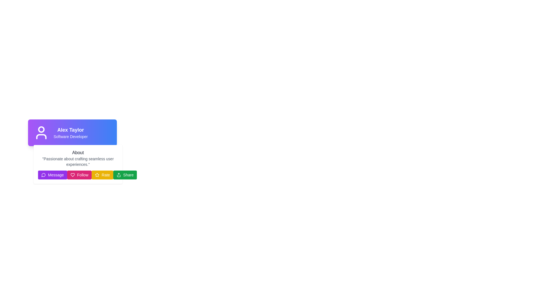 This screenshot has height=300, width=533. What do you see at coordinates (41, 129) in the screenshot?
I see `the Circle SVG Graphic Element that is part of the user profile icon, which is located in the upper central area of the profile card for 'Alex Taylor.'` at bounding box center [41, 129].